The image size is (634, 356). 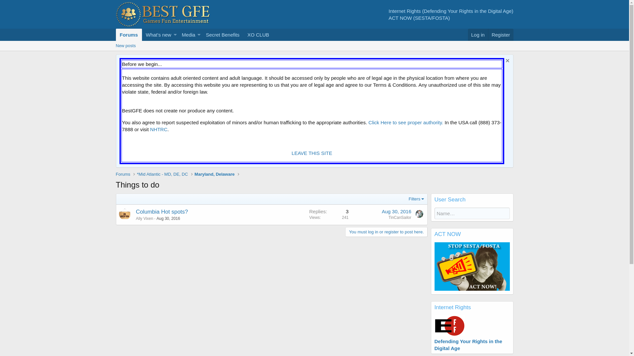 What do you see at coordinates (144, 219) in the screenshot?
I see `'Ally Vixen'` at bounding box center [144, 219].